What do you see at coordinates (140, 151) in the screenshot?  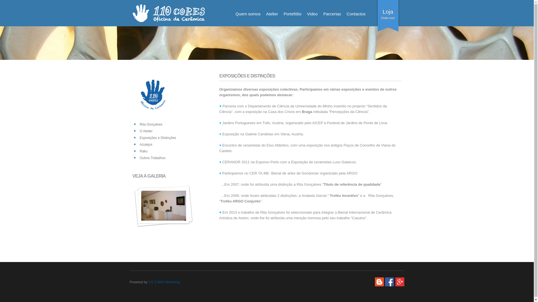 I see `'Raku'` at bounding box center [140, 151].